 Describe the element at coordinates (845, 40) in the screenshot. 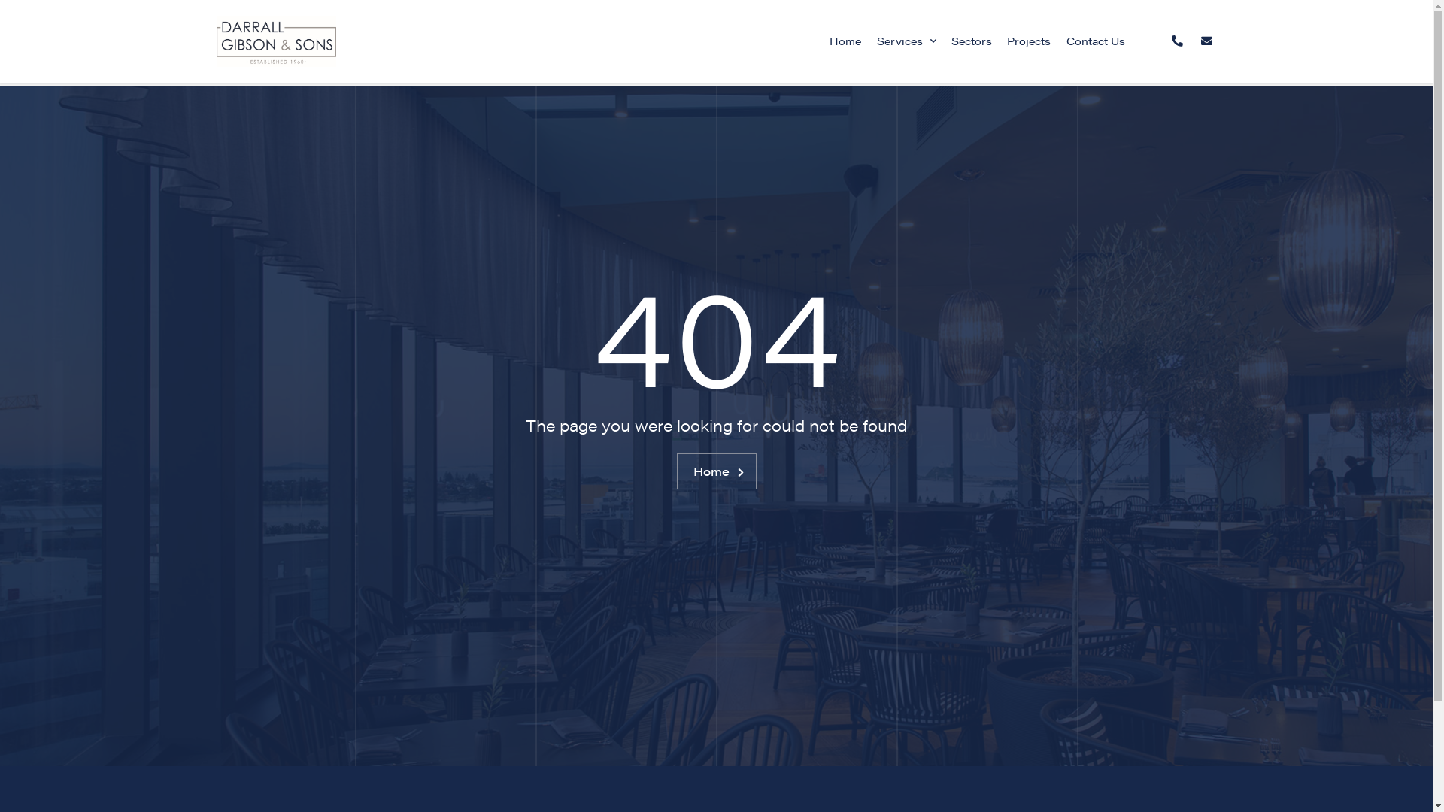

I see `'Home'` at that location.